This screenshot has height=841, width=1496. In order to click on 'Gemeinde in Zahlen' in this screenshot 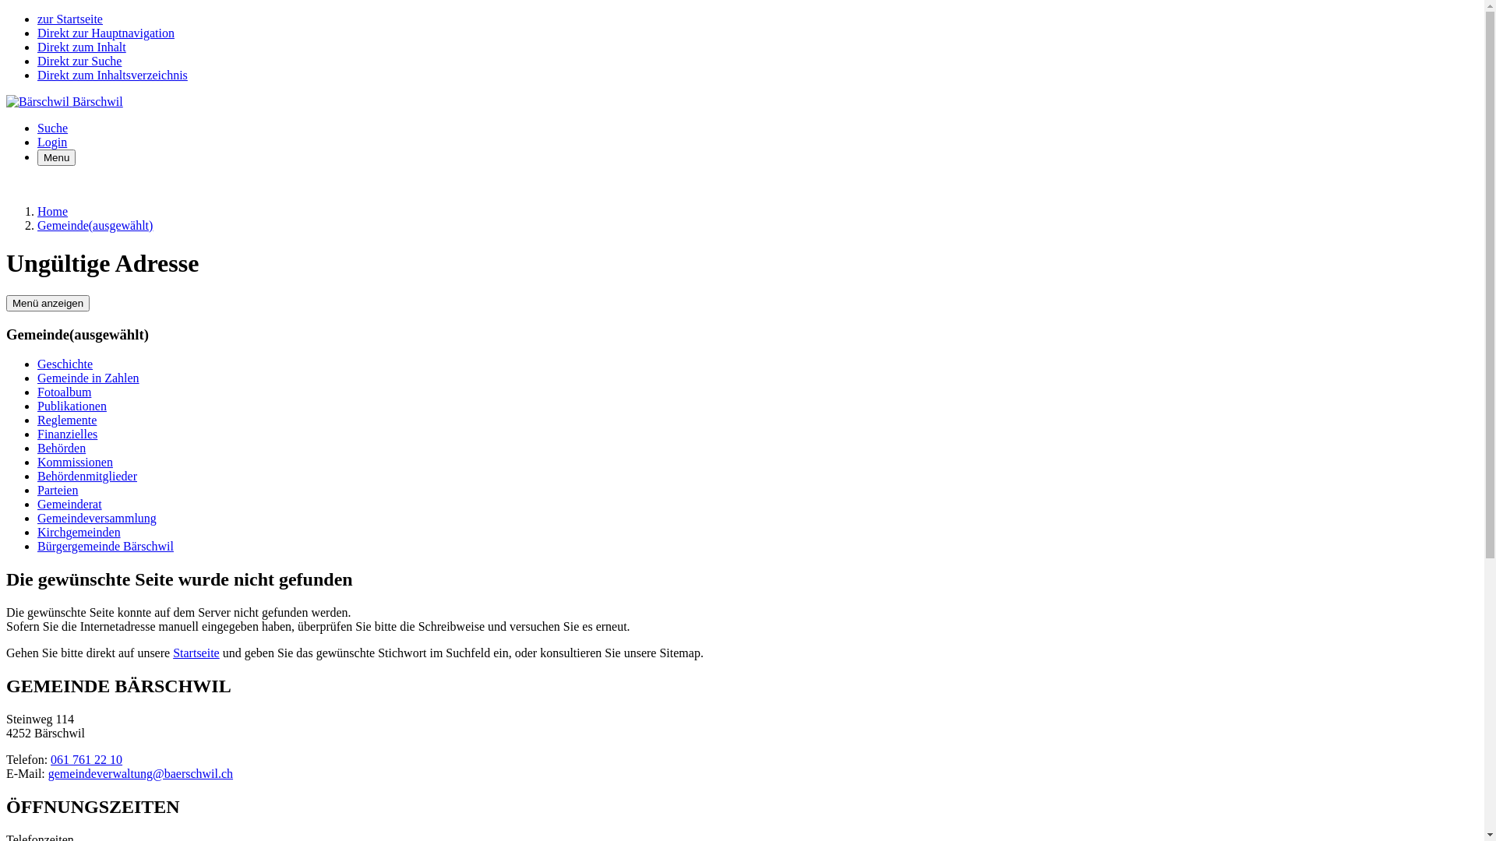, I will do `click(87, 378)`.